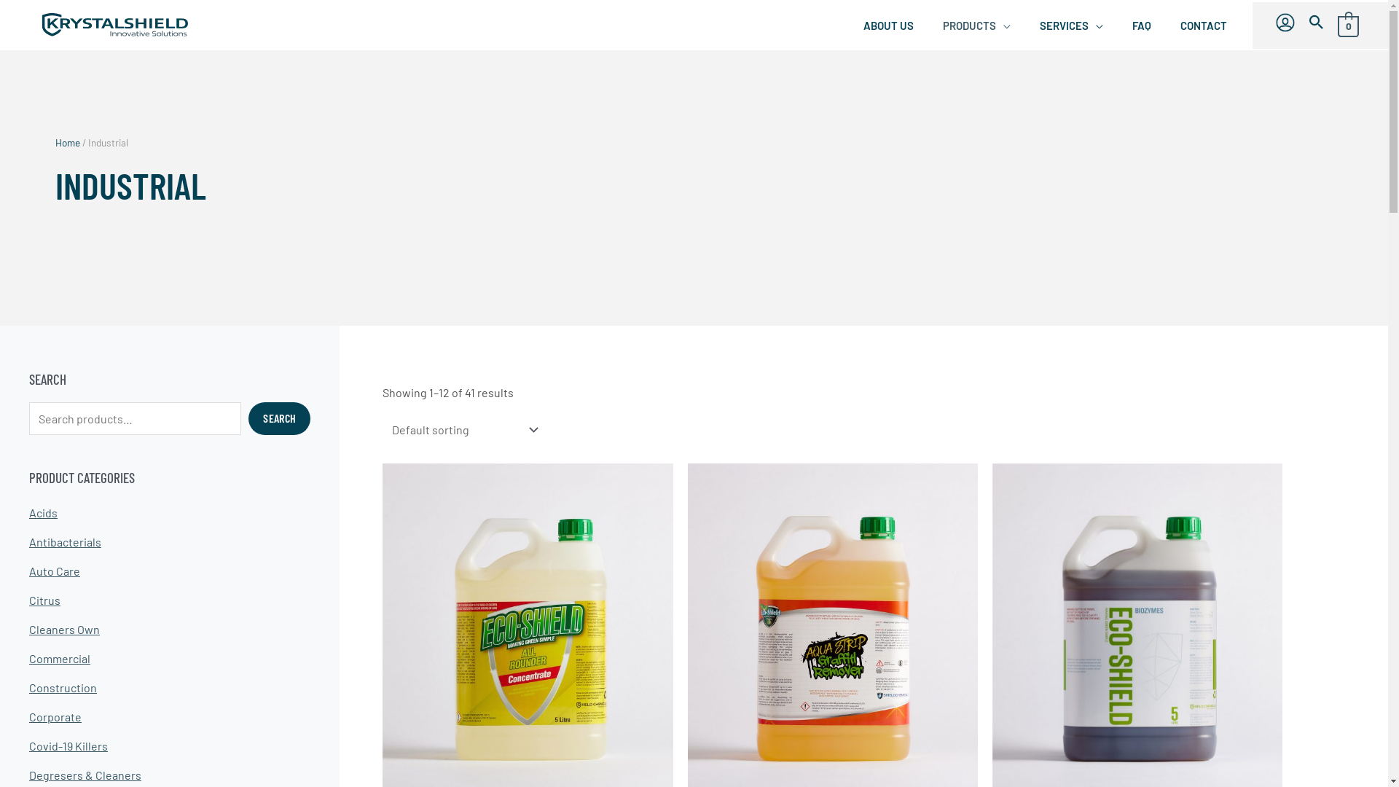 Image resolution: width=1399 pixels, height=787 pixels. What do you see at coordinates (55, 716) in the screenshot?
I see `'Corporate'` at bounding box center [55, 716].